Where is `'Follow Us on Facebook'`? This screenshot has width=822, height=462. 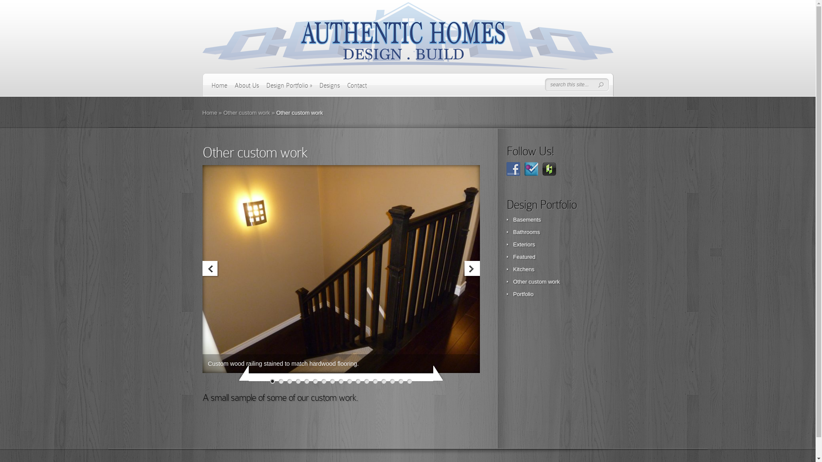
'Follow Us on Facebook' is located at coordinates (513, 169).